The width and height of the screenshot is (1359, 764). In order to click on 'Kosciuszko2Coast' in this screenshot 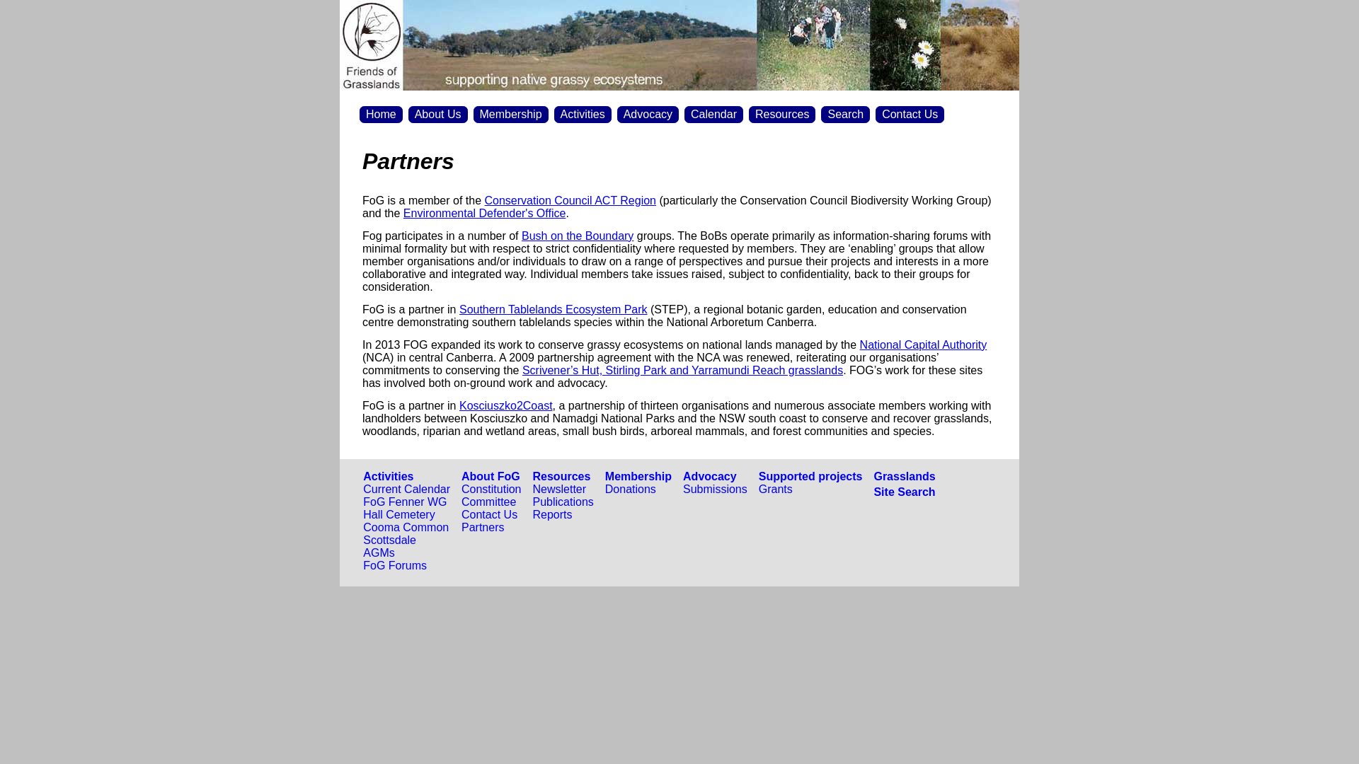, I will do `click(506, 405)`.